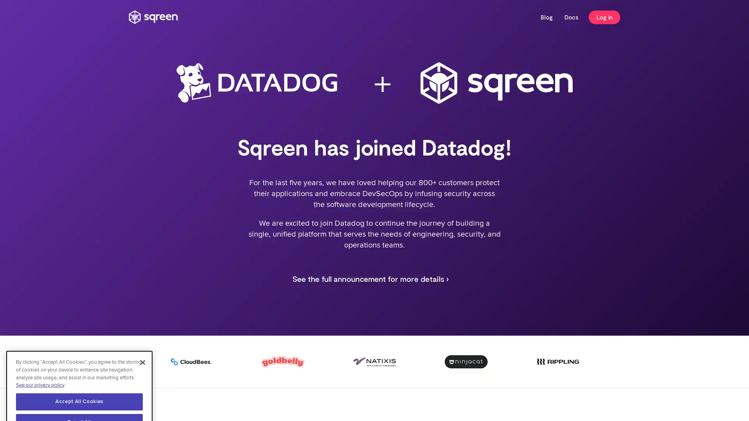  What do you see at coordinates (79, 392) in the screenshot?
I see `Reject All` at bounding box center [79, 392].